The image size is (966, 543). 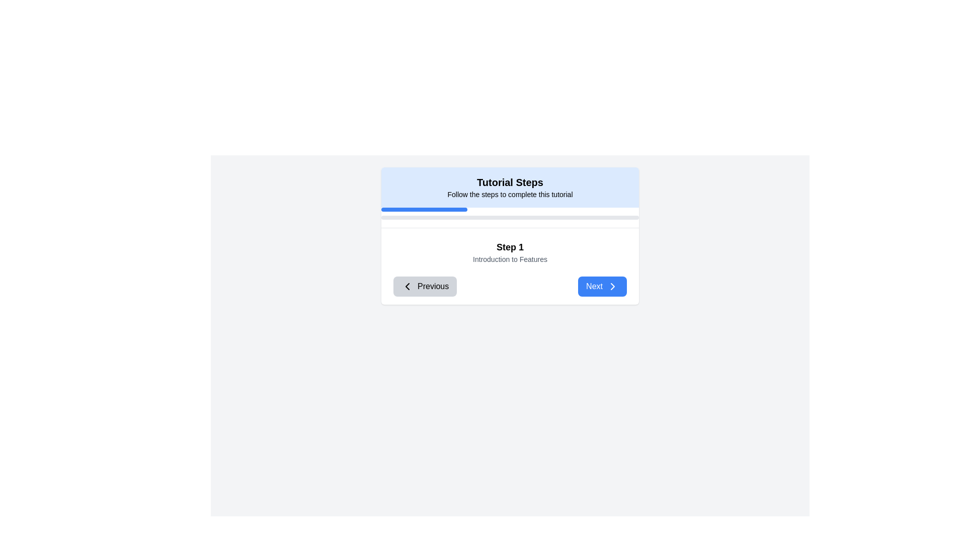 I want to click on the Section Header of the tutorial interface, which serves as the title providing introductory information, located above the progress bar and tutorial content, so click(x=510, y=188).